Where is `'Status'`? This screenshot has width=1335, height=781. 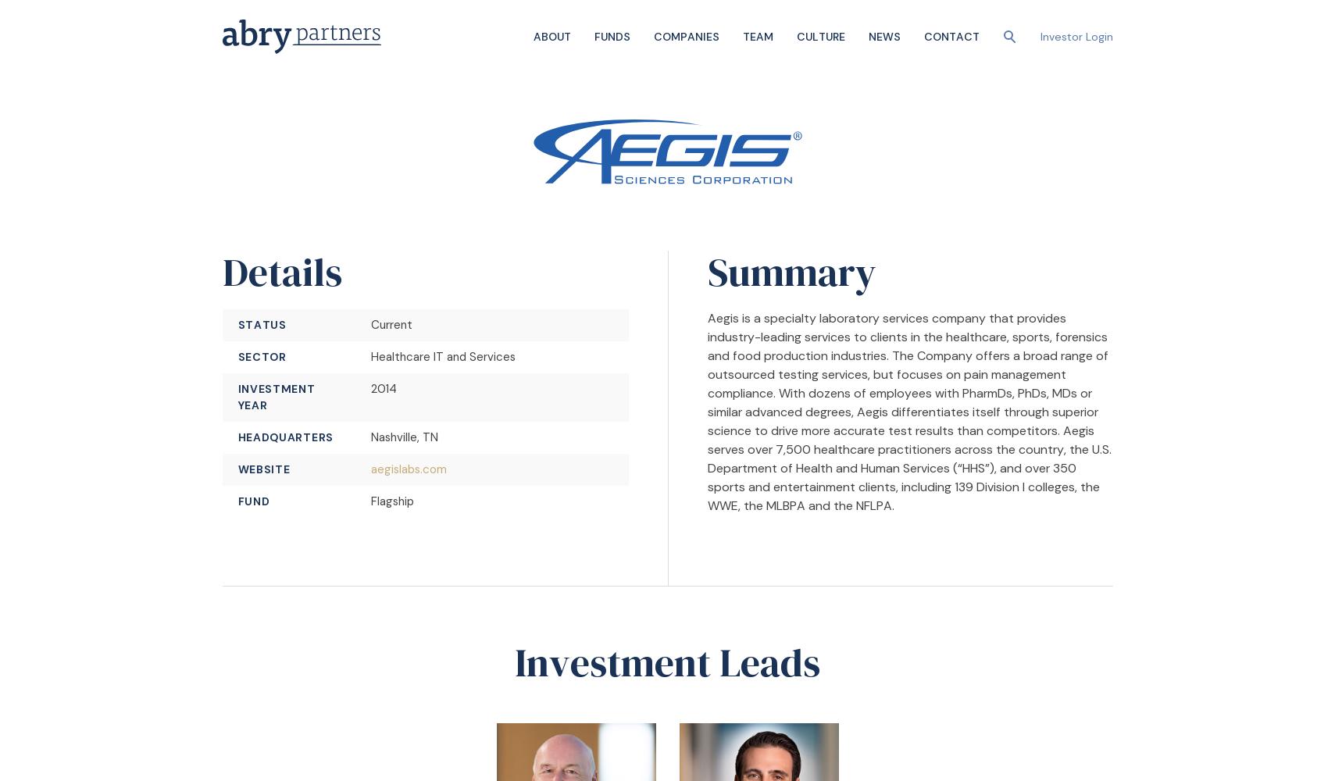 'Status' is located at coordinates (260, 325).